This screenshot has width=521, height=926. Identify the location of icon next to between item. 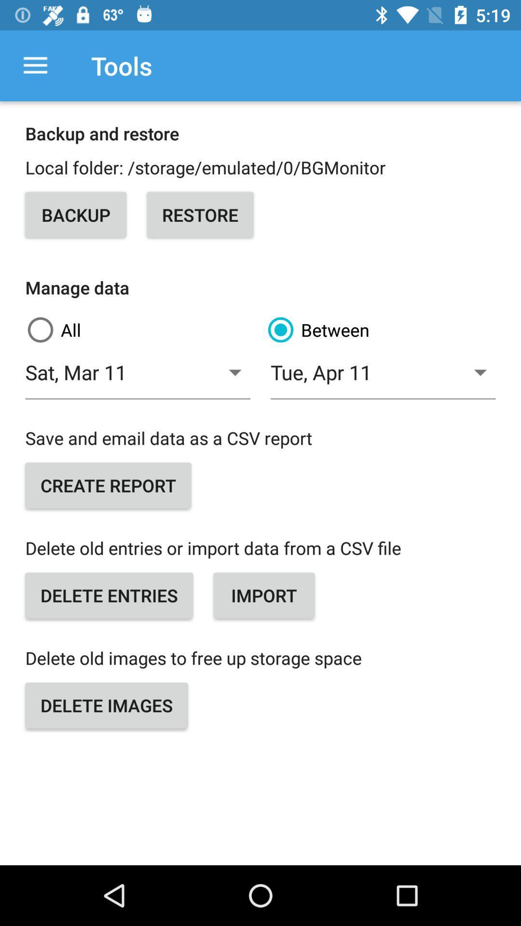
(140, 330).